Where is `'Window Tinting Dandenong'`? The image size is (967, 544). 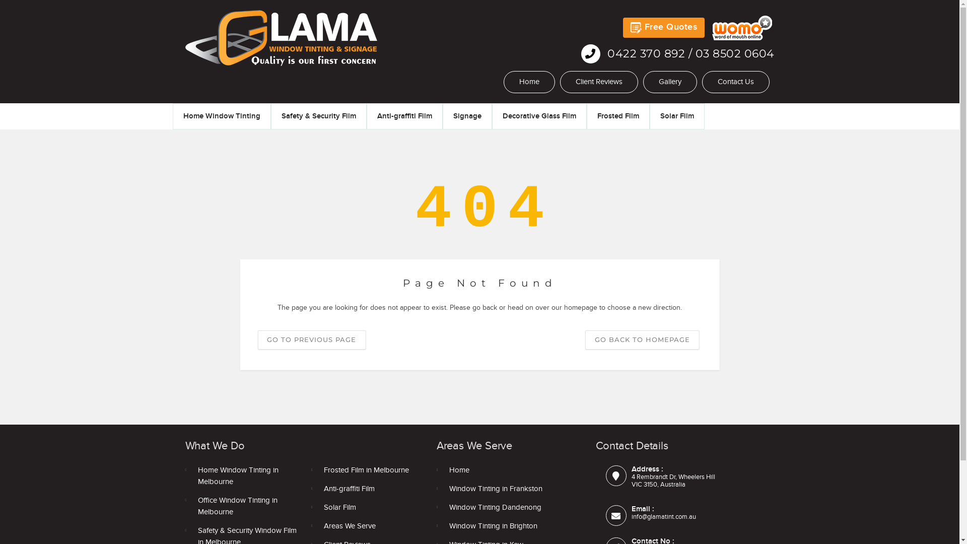
'Window Tinting Dandenong' is located at coordinates (437, 508).